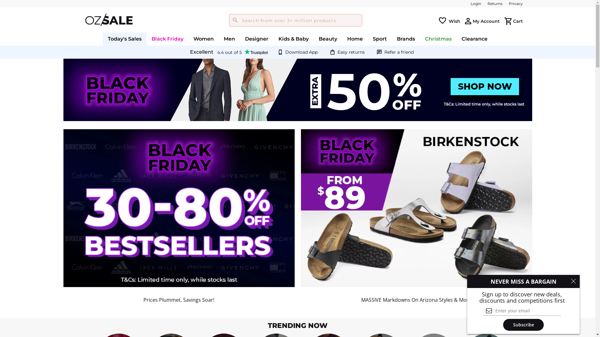 The height and width of the screenshot is (337, 600). What do you see at coordinates (301, 52) in the screenshot?
I see `'Download App'` at bounding box center [301, 52].